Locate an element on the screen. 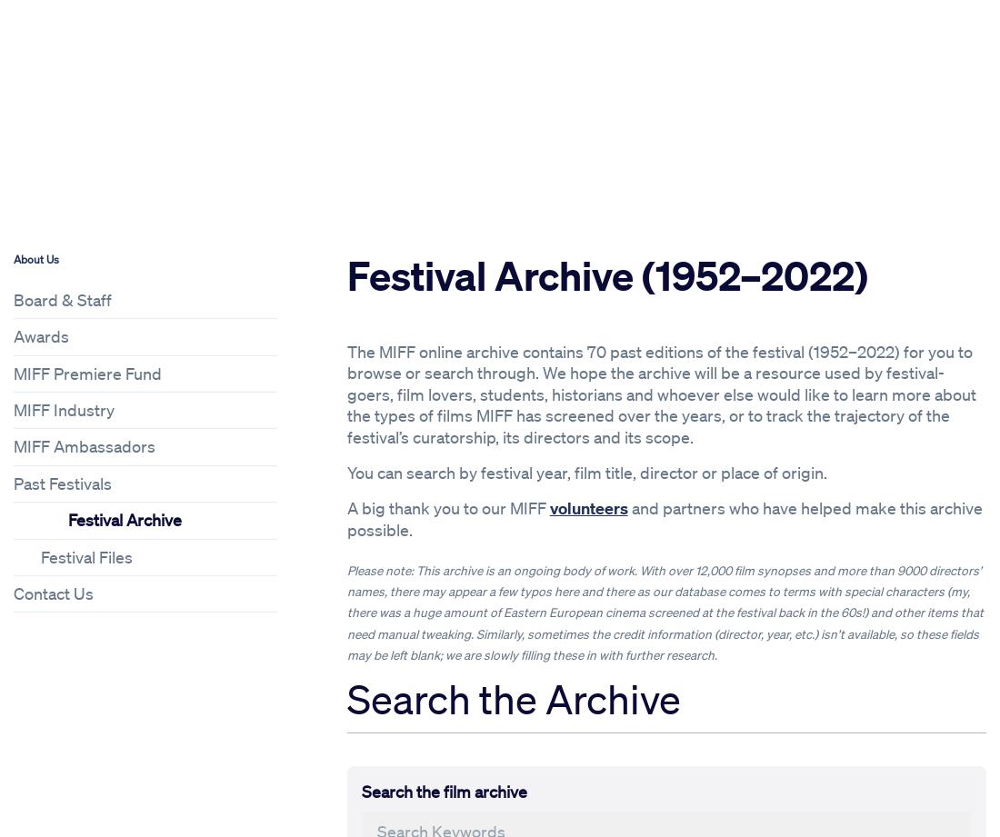 This screenshot has height=837, width=1000. 'Awards' is located at coordinates (40, 335).